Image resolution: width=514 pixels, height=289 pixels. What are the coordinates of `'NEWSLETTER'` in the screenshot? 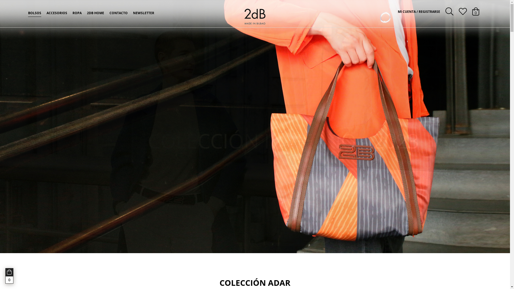 It's located at (143, 13).